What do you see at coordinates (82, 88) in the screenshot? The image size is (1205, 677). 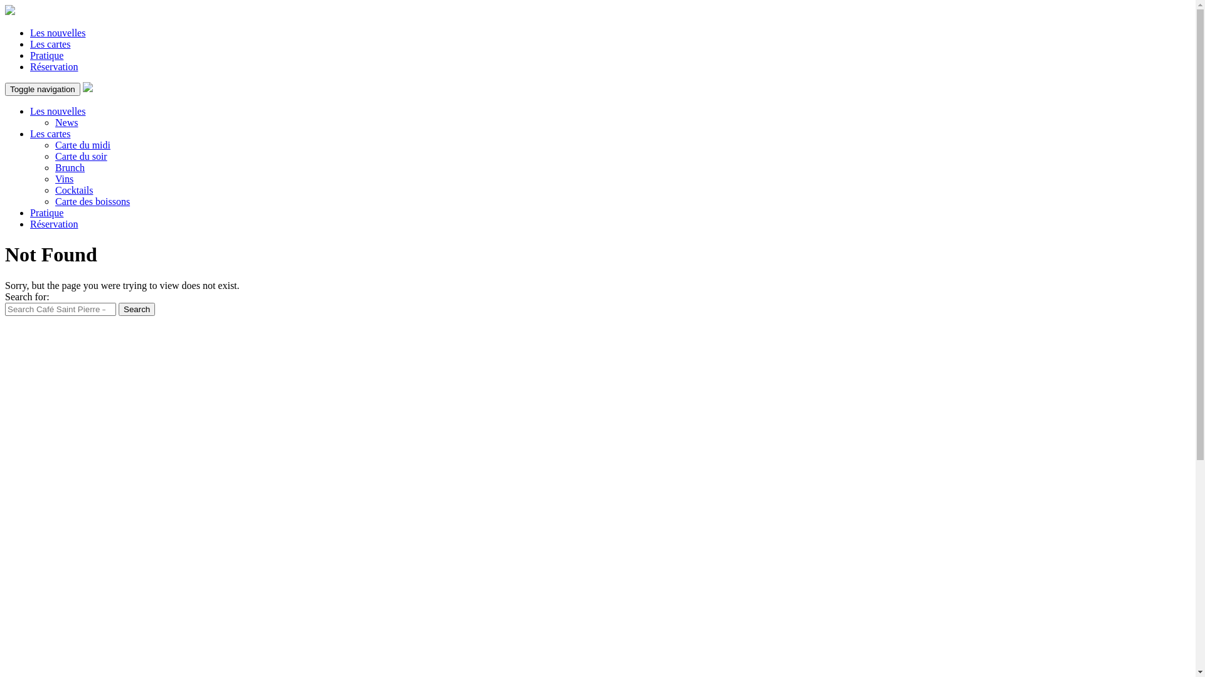 I see `'Saint-Pierre'` at bounding box center [82, 88].